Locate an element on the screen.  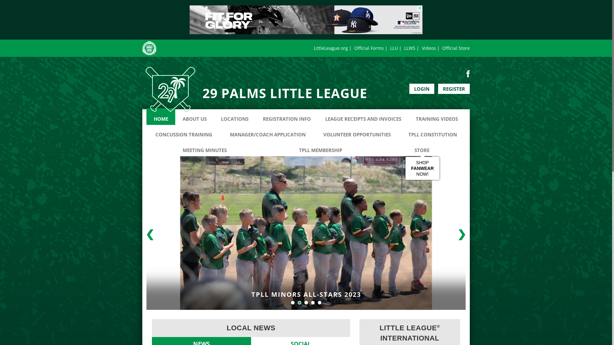
'REGISTER' is located at coordinates (453, 88).